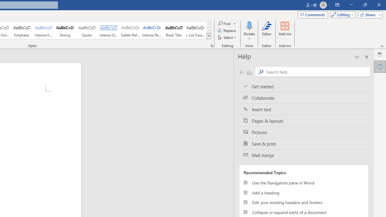 Image resolution: width=386 pixels, height=217 pixels. What do you see at coordinates (365, 5) in the screenshot?
I see `'Restore Down'` at bounding box center [365, 5].